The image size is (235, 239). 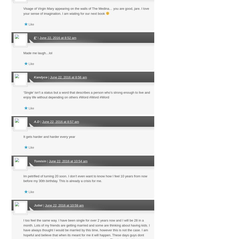 I want to click on 'June 22, 2016 at 10:54 am', so click(x=68, y=161).